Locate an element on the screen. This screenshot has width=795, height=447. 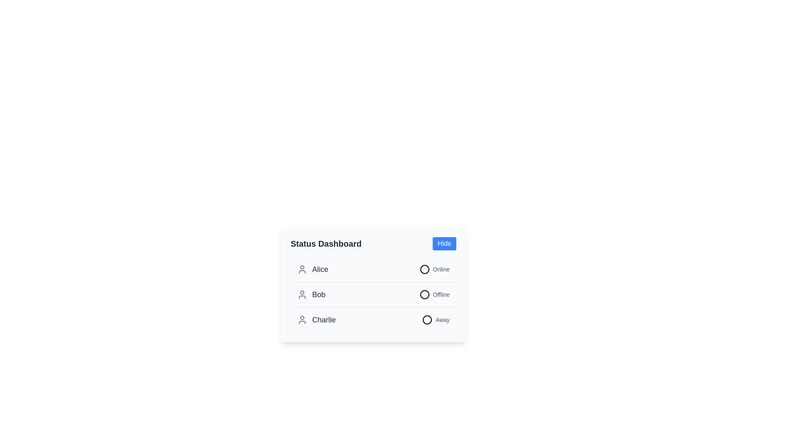
the List Item displaying 'Bob' with an 'Offline' status is located at coordinates (373, 294).